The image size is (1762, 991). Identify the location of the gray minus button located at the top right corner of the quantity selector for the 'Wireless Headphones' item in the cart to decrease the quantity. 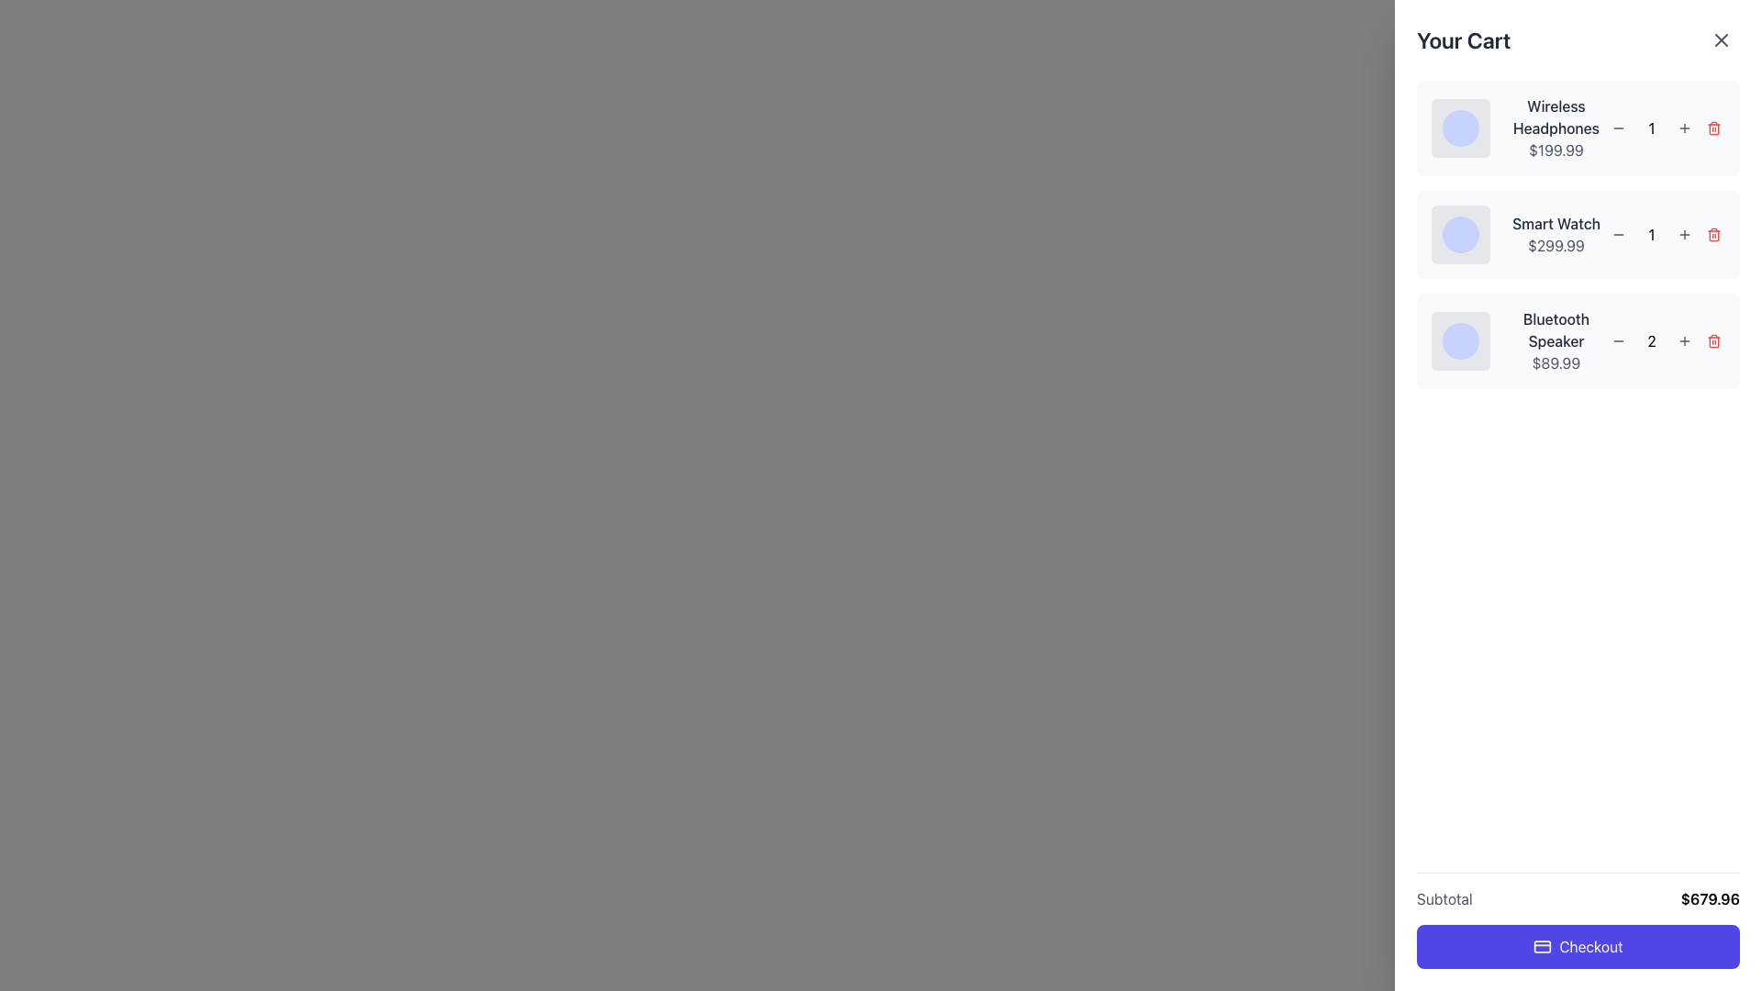
(1618, 127).